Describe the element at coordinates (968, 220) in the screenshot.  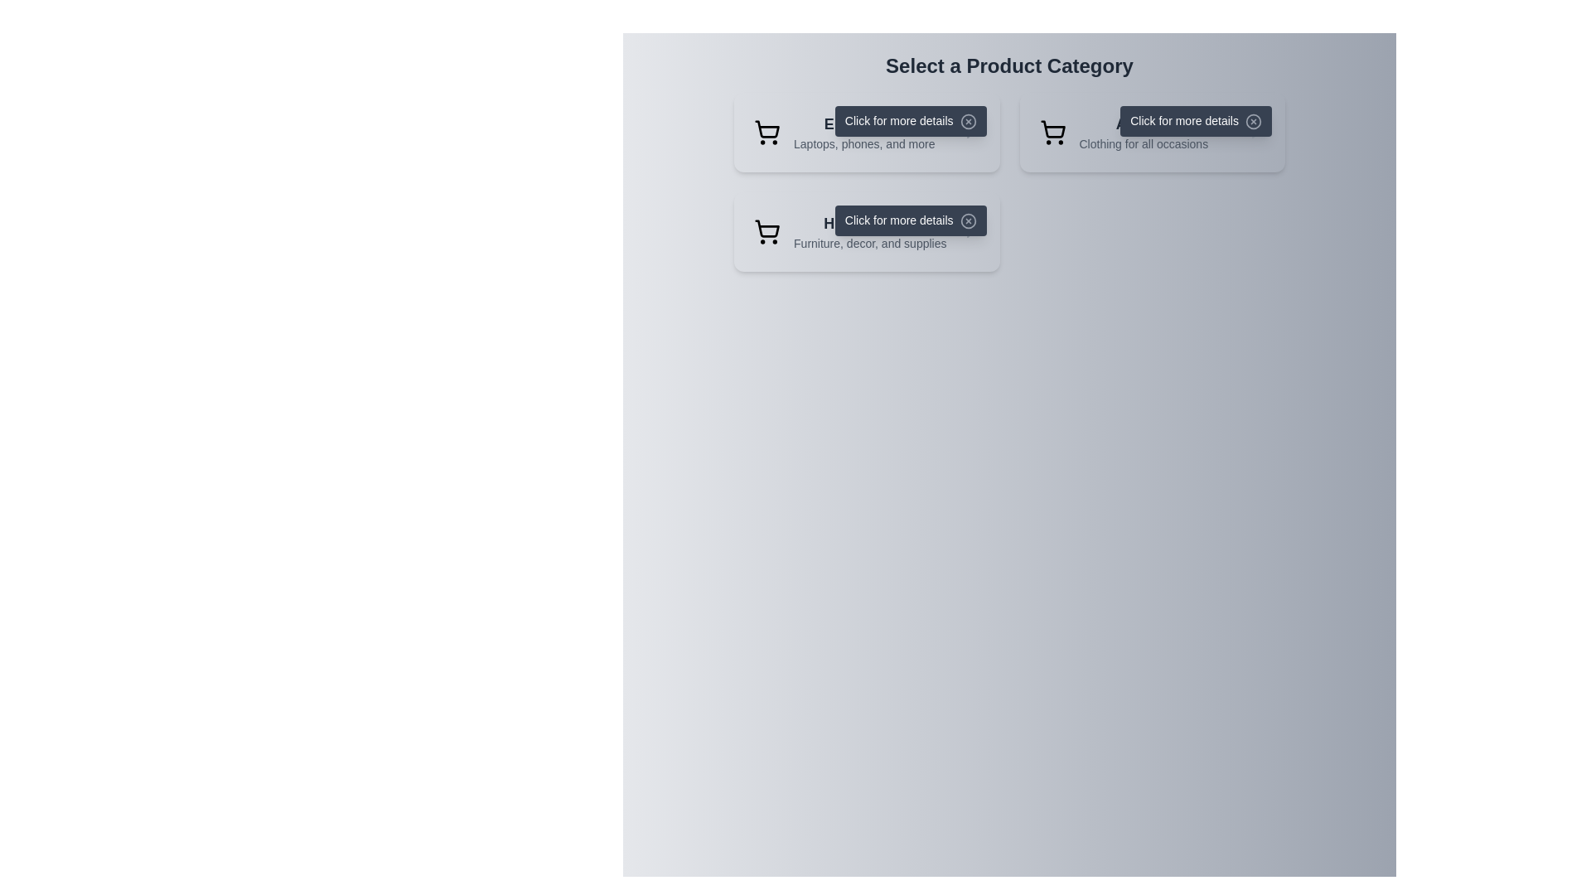
I see `the close icon with a circular boundary and an 'x' mark inside, located in the top-right section of the tooltip titled 'Click for more details.'` at that location.